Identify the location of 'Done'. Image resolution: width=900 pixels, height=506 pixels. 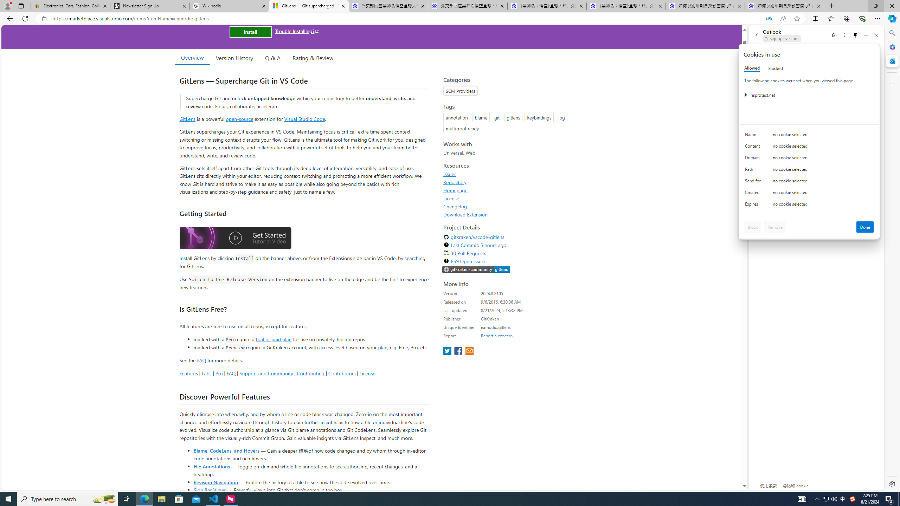
(865, 227).